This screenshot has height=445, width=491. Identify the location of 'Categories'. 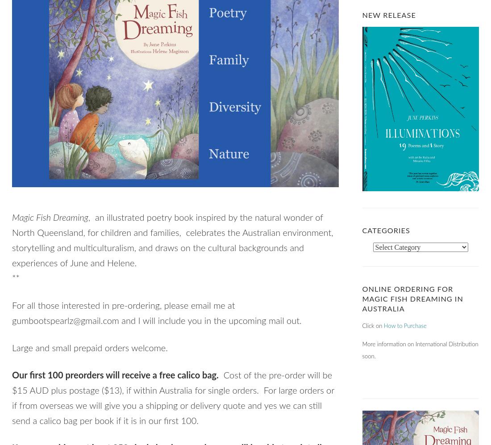
(362, 231).